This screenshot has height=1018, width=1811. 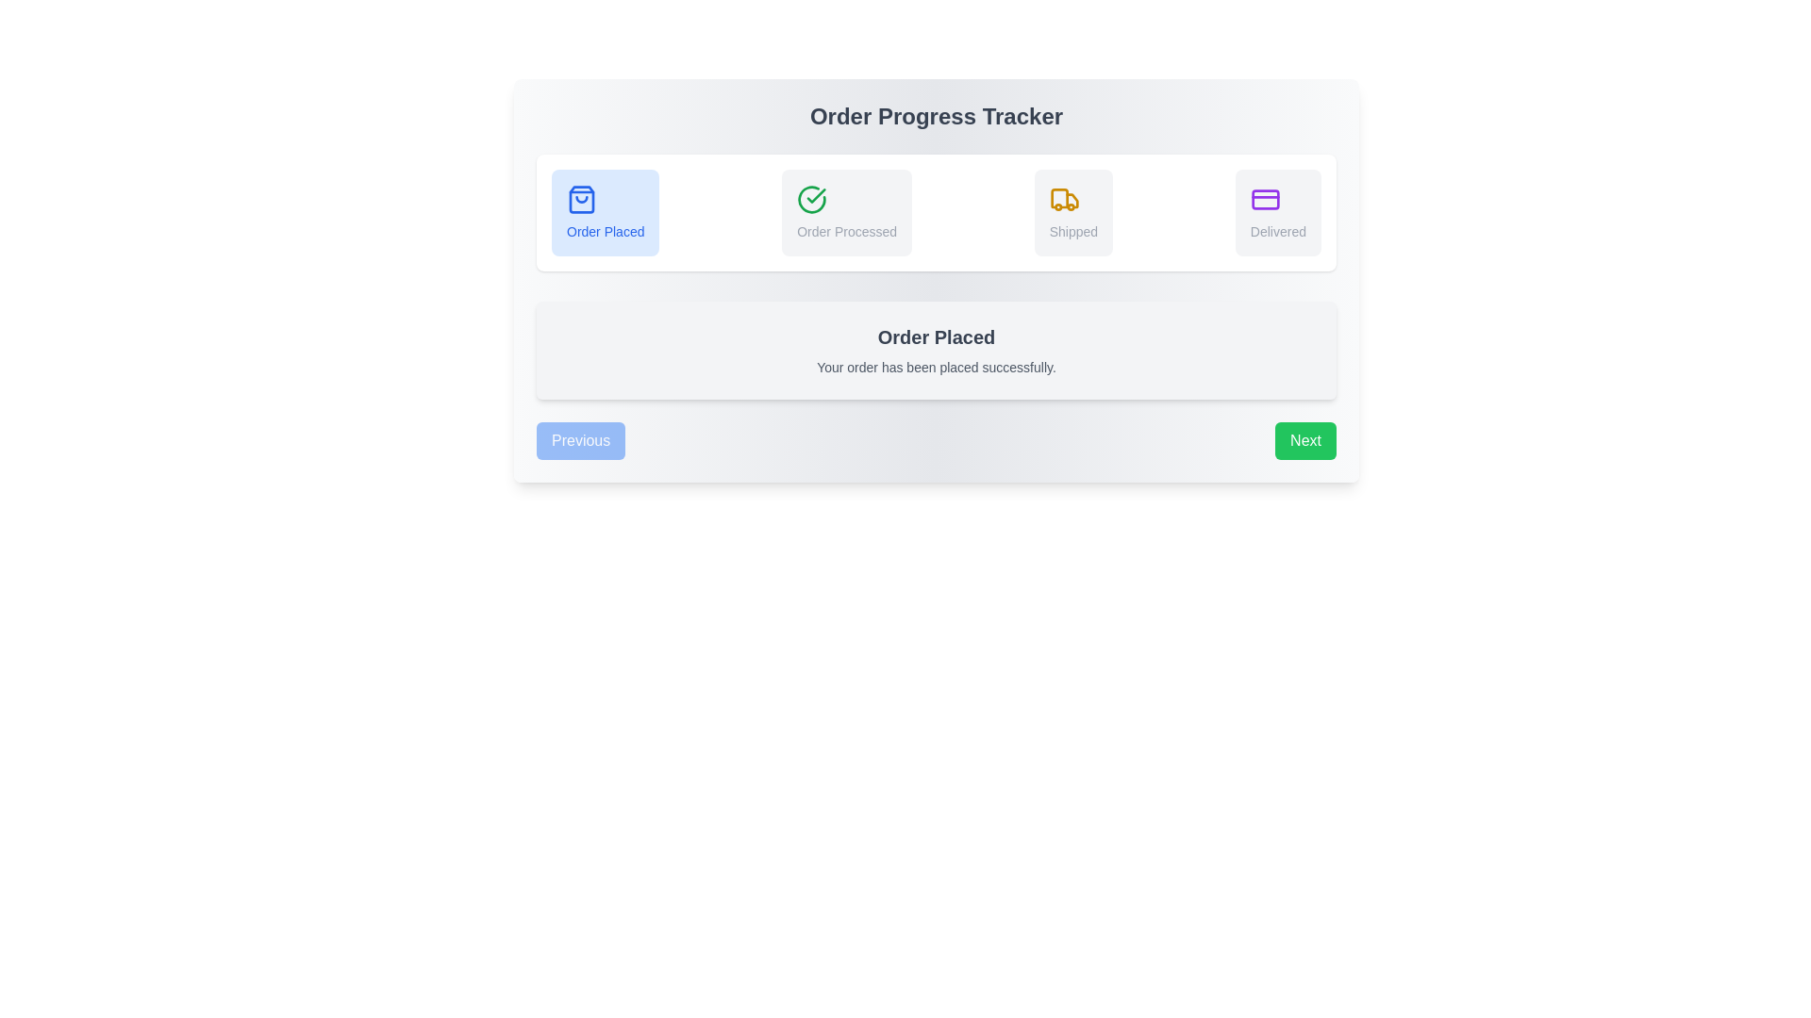 I want to click on the state of the 'Delivered' icon in the Order Progress Tracker, which is the rightmost icon visually indicating that the user's order has been delivered, so click(x=1265, y=200).